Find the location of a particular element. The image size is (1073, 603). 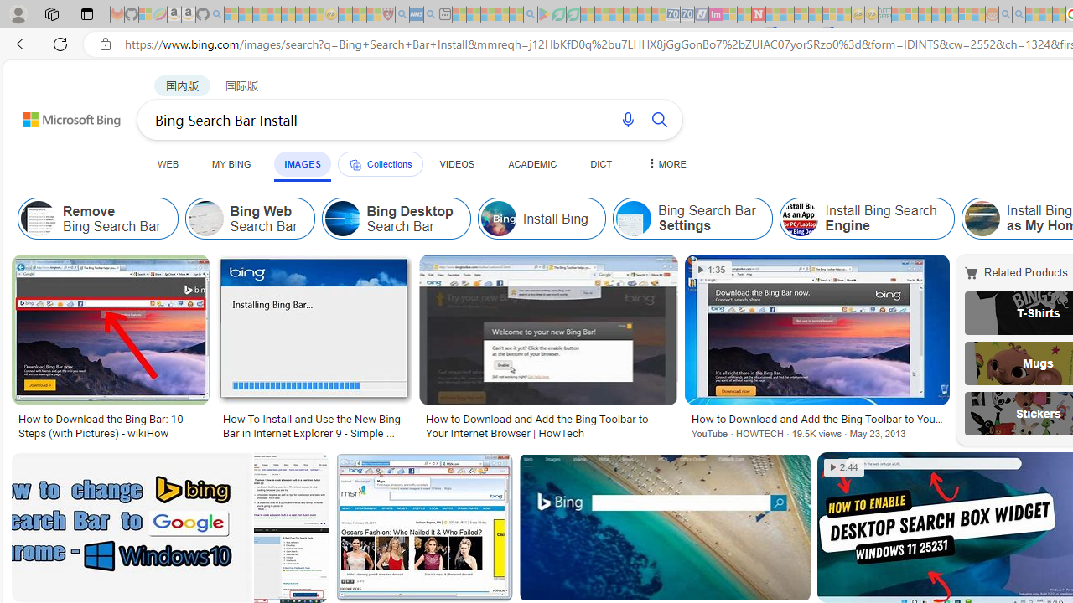

'MSNBC - MSN - Sleeping' is located at coordinates (897, 14).